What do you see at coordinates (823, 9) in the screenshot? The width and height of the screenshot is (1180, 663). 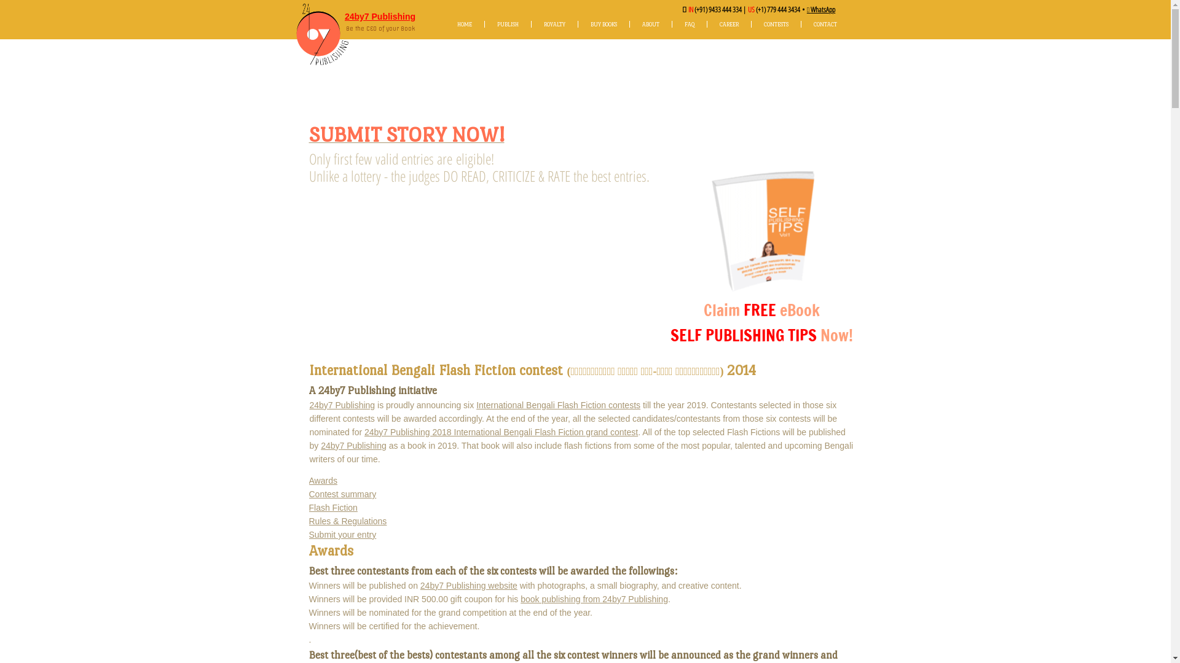 I see `'WhatsApp'` at bounding box center [823, 9].